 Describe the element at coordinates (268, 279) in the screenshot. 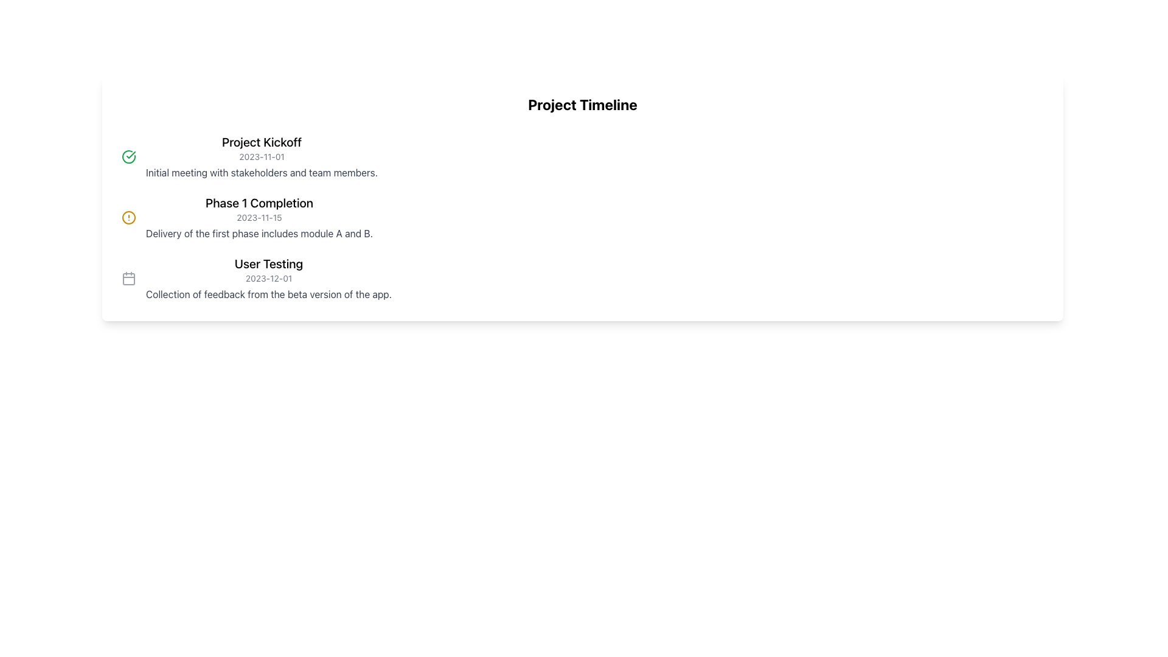

I see `the text label displaying the date '2023-12-01', which is styled in light gray and positioned beneath the header 'User Testing'` at that location.